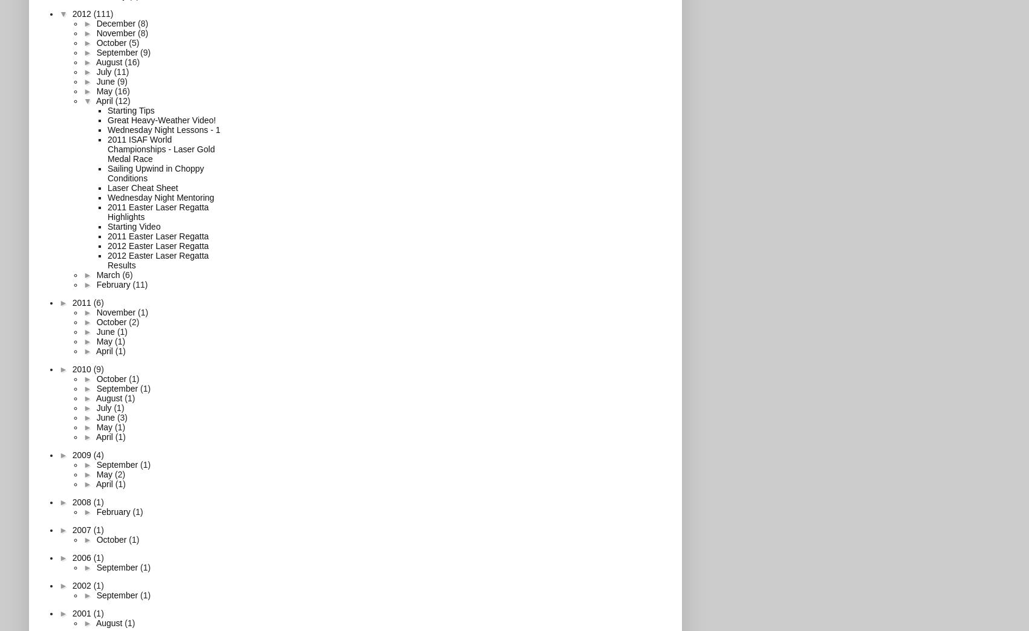 The height and width of the screenshot is (631, 1029). What do you see at coordinates (107, 225) in the screenshot?
I see `'Starting Video'` at bounding box center [107, 225].